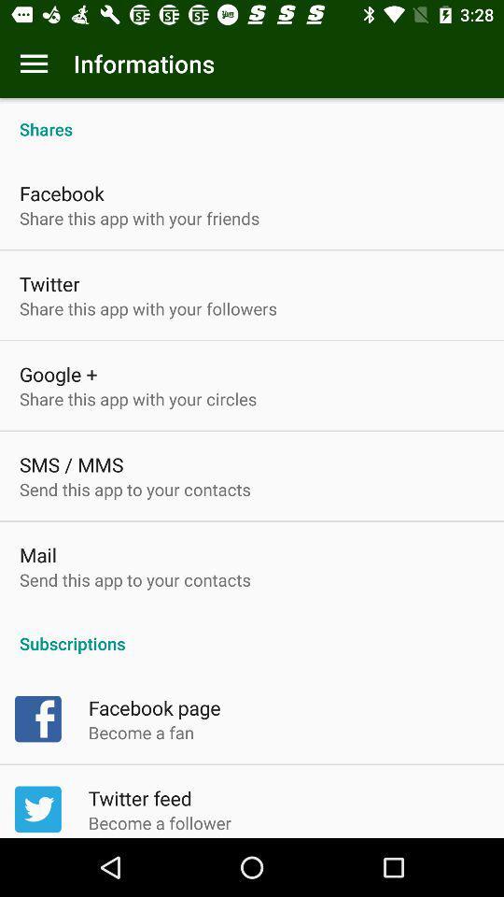 The height and width of the screenshot is (897, 504). Describe the element at coordinates (252, 118) in the screenshot. I see `item above the facebook item` at that location.